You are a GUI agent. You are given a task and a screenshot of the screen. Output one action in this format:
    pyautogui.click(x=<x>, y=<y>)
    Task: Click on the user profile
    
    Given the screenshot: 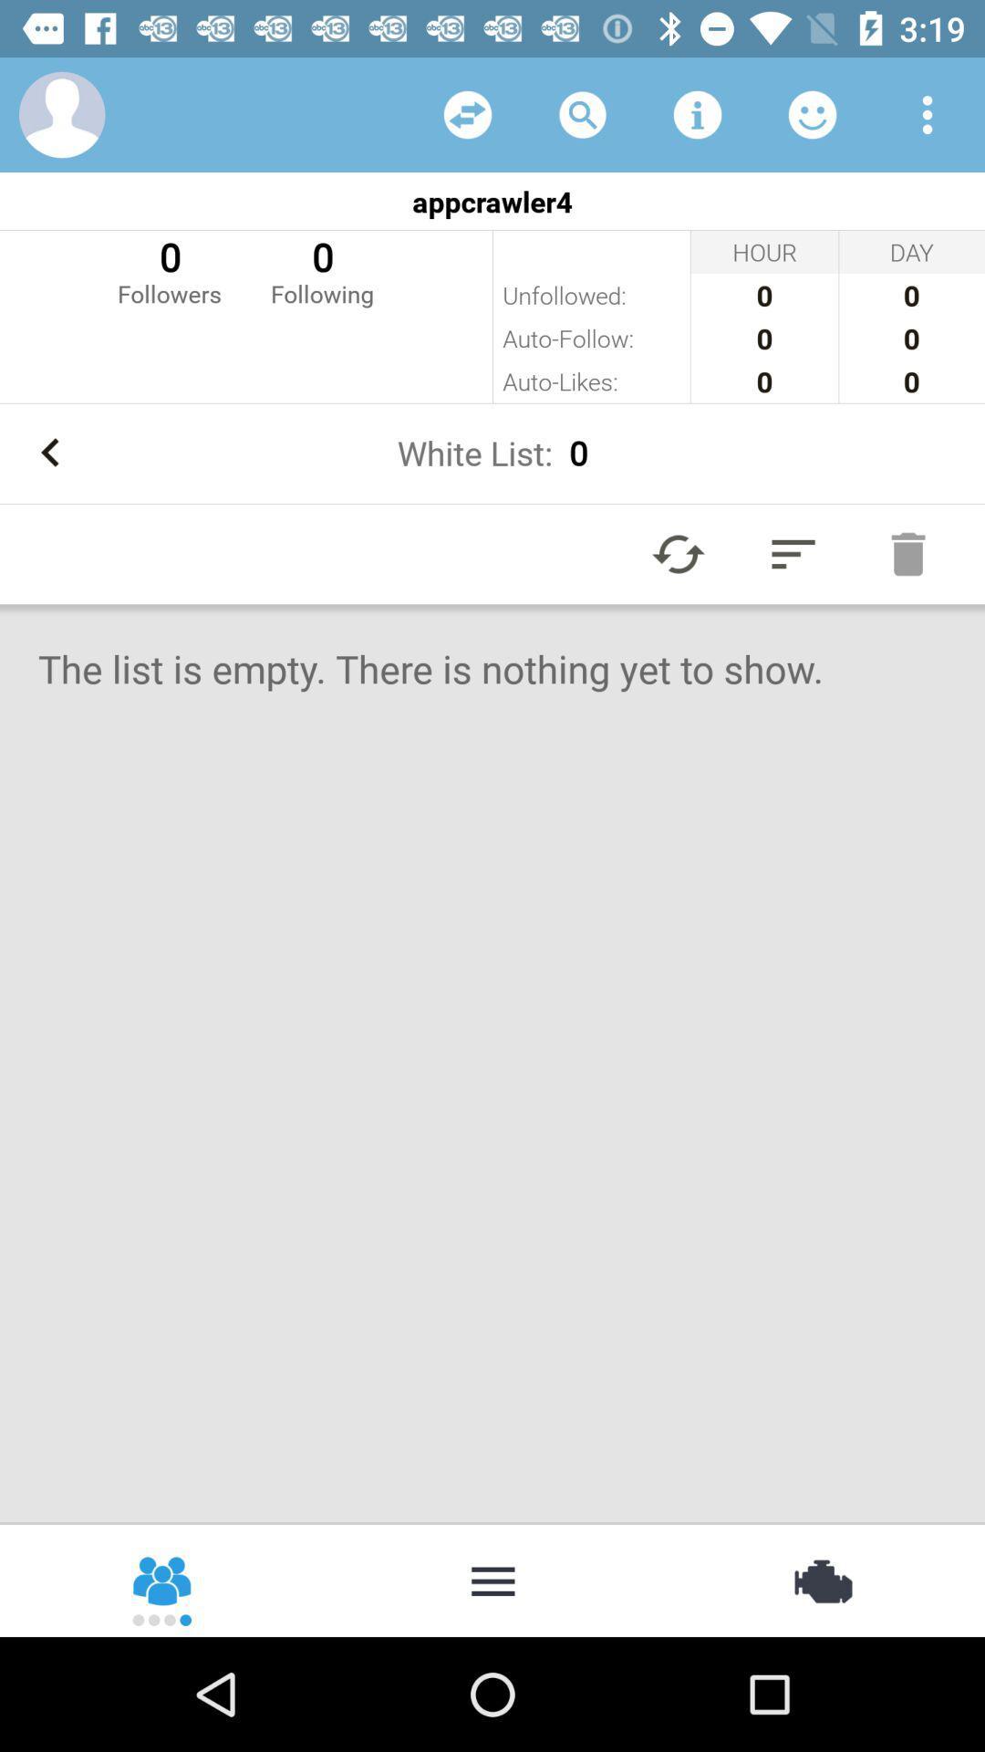 What is the action you would take?
    pyautogui.click(x=61, y=113)
    